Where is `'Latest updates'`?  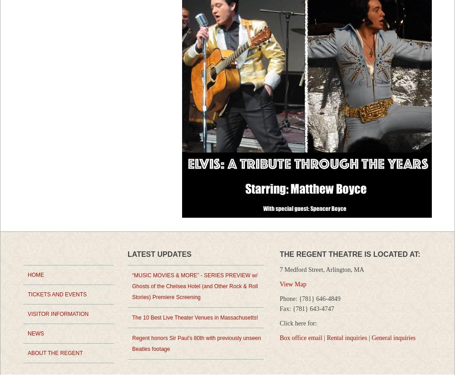
'Latest updates' is located at coordinates (159, 254).